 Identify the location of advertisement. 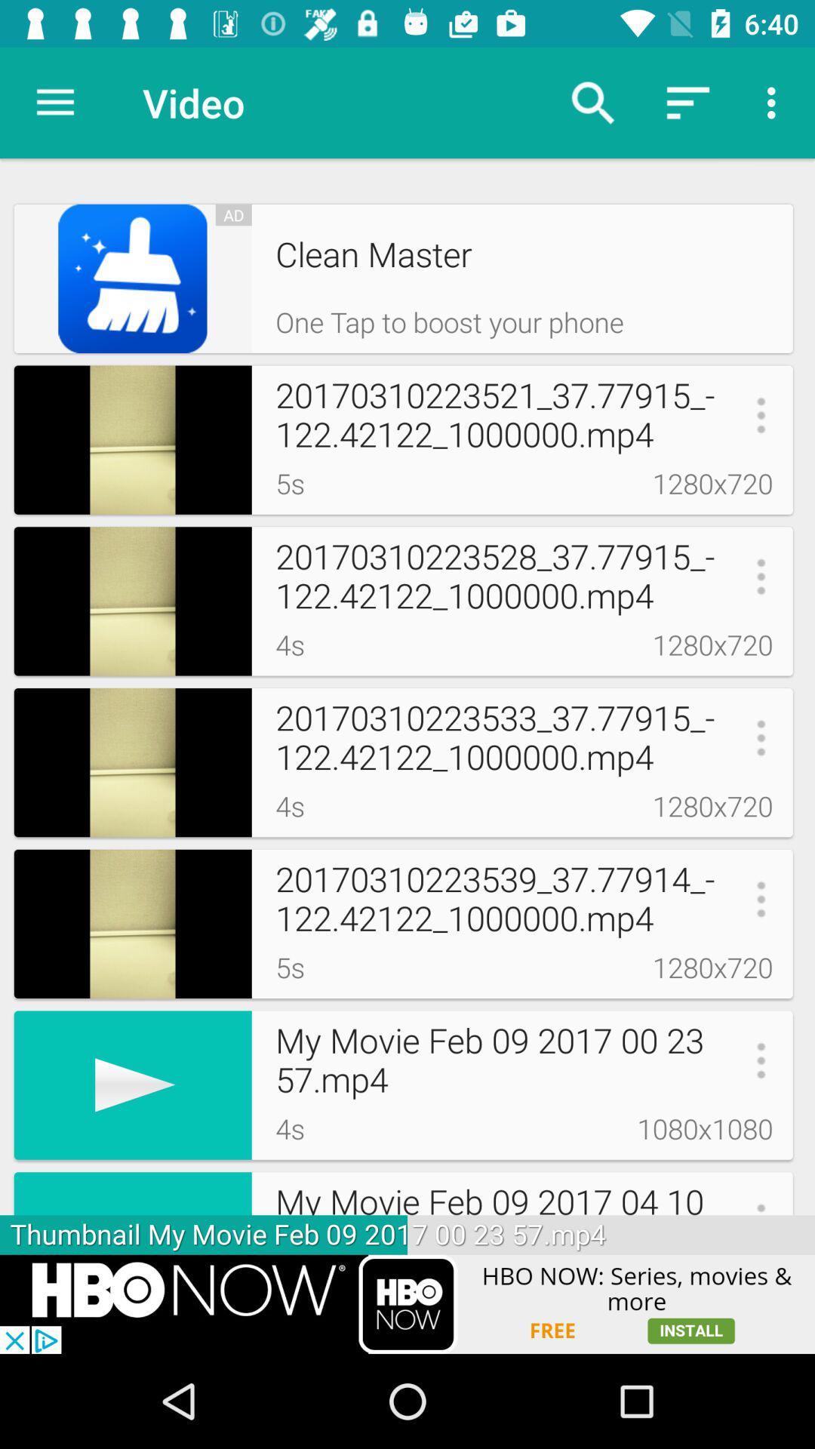
(407, 1303).